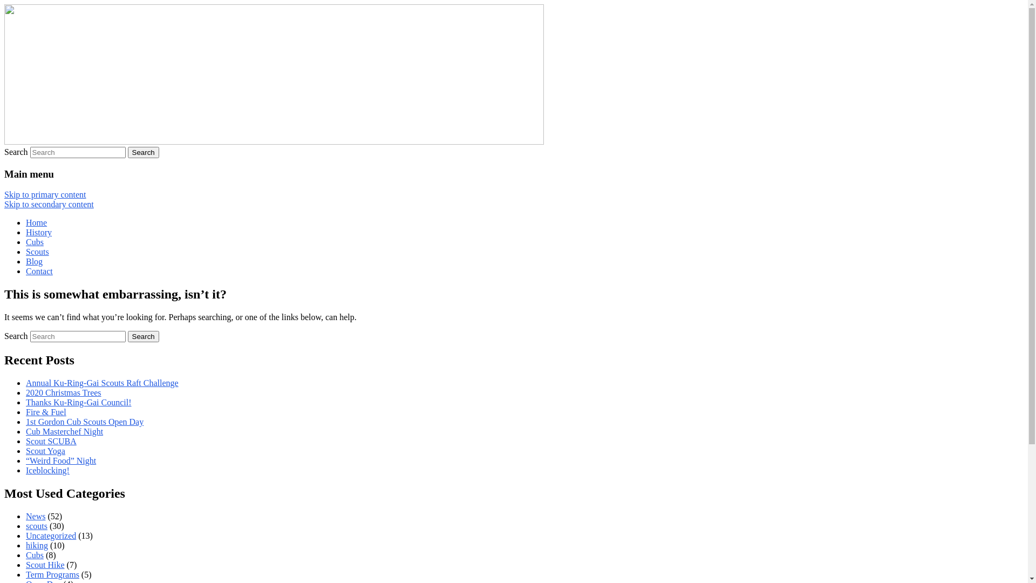  Describe the element at coordinates (26, 402) in the screenshot. I see `'Thanks Ku-Ring-Gai Council!'` at that location.